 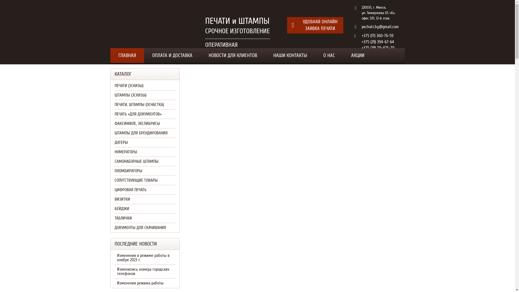 I want to click on '+375 (29) 70-475-70', so click(x=362, y=48).